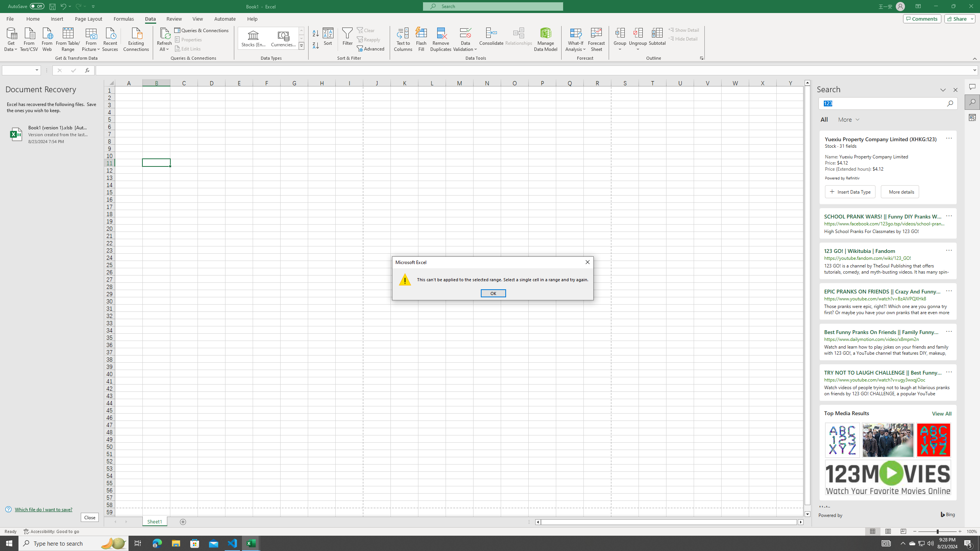 The width and height of the screenshot is (980, 551). I want to click on 'Close', so click(587, 262).